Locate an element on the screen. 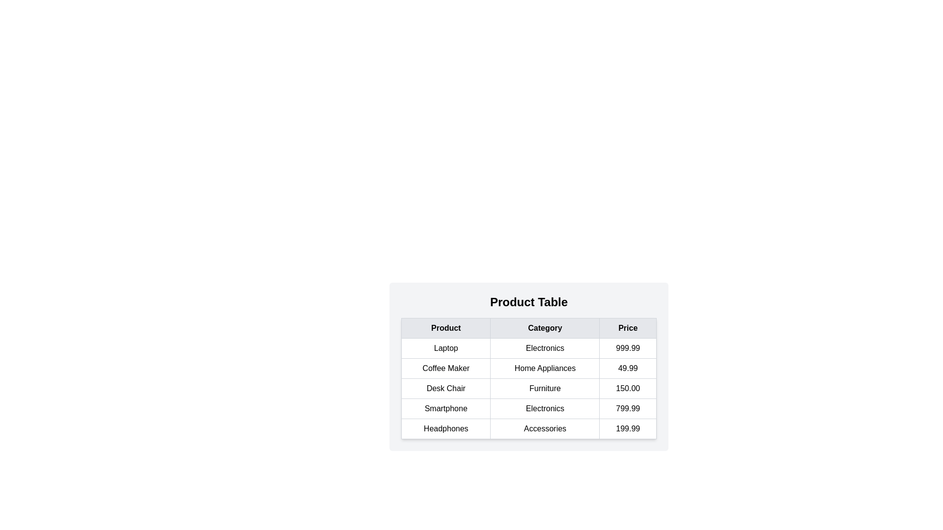 The height and width of the screenshot is (530, 943). the text label displaying 'Smartphone' in the 'Product Table' under the 'Product' column is located at coordinates (445, 409).